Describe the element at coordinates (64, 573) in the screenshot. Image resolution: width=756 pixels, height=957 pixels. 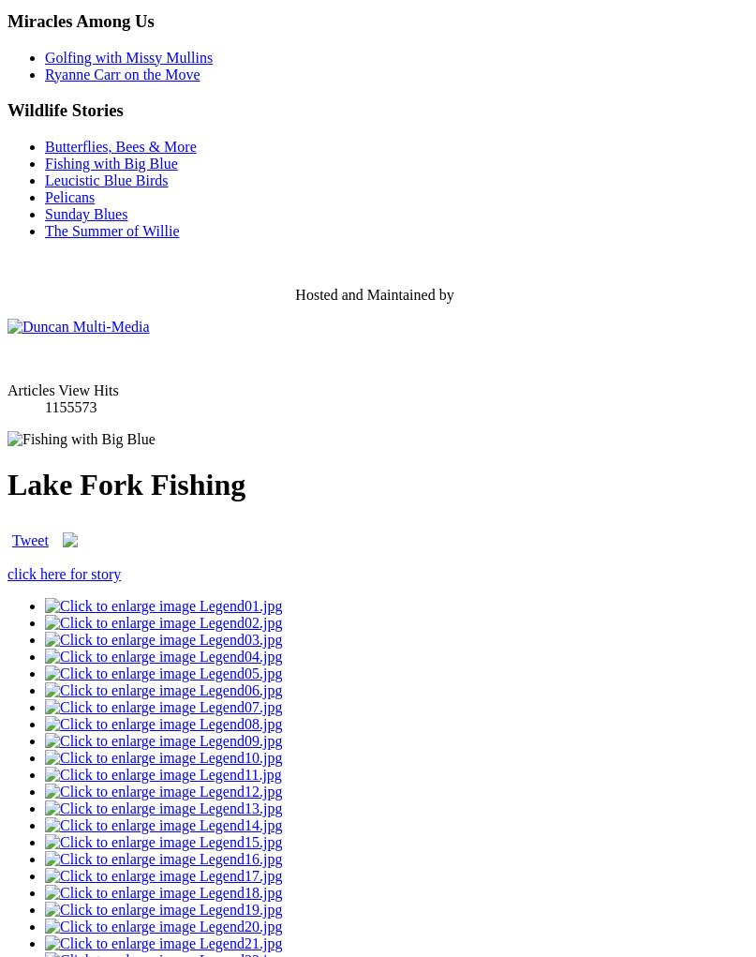
I see `'click here for story'` at that location.